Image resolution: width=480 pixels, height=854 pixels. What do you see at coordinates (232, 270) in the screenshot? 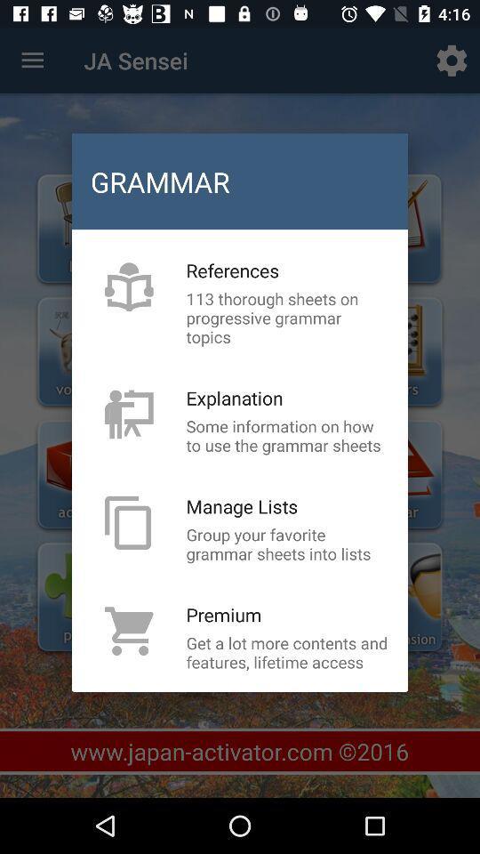
I see `item below the grammar` at bounding box center [232, 270].